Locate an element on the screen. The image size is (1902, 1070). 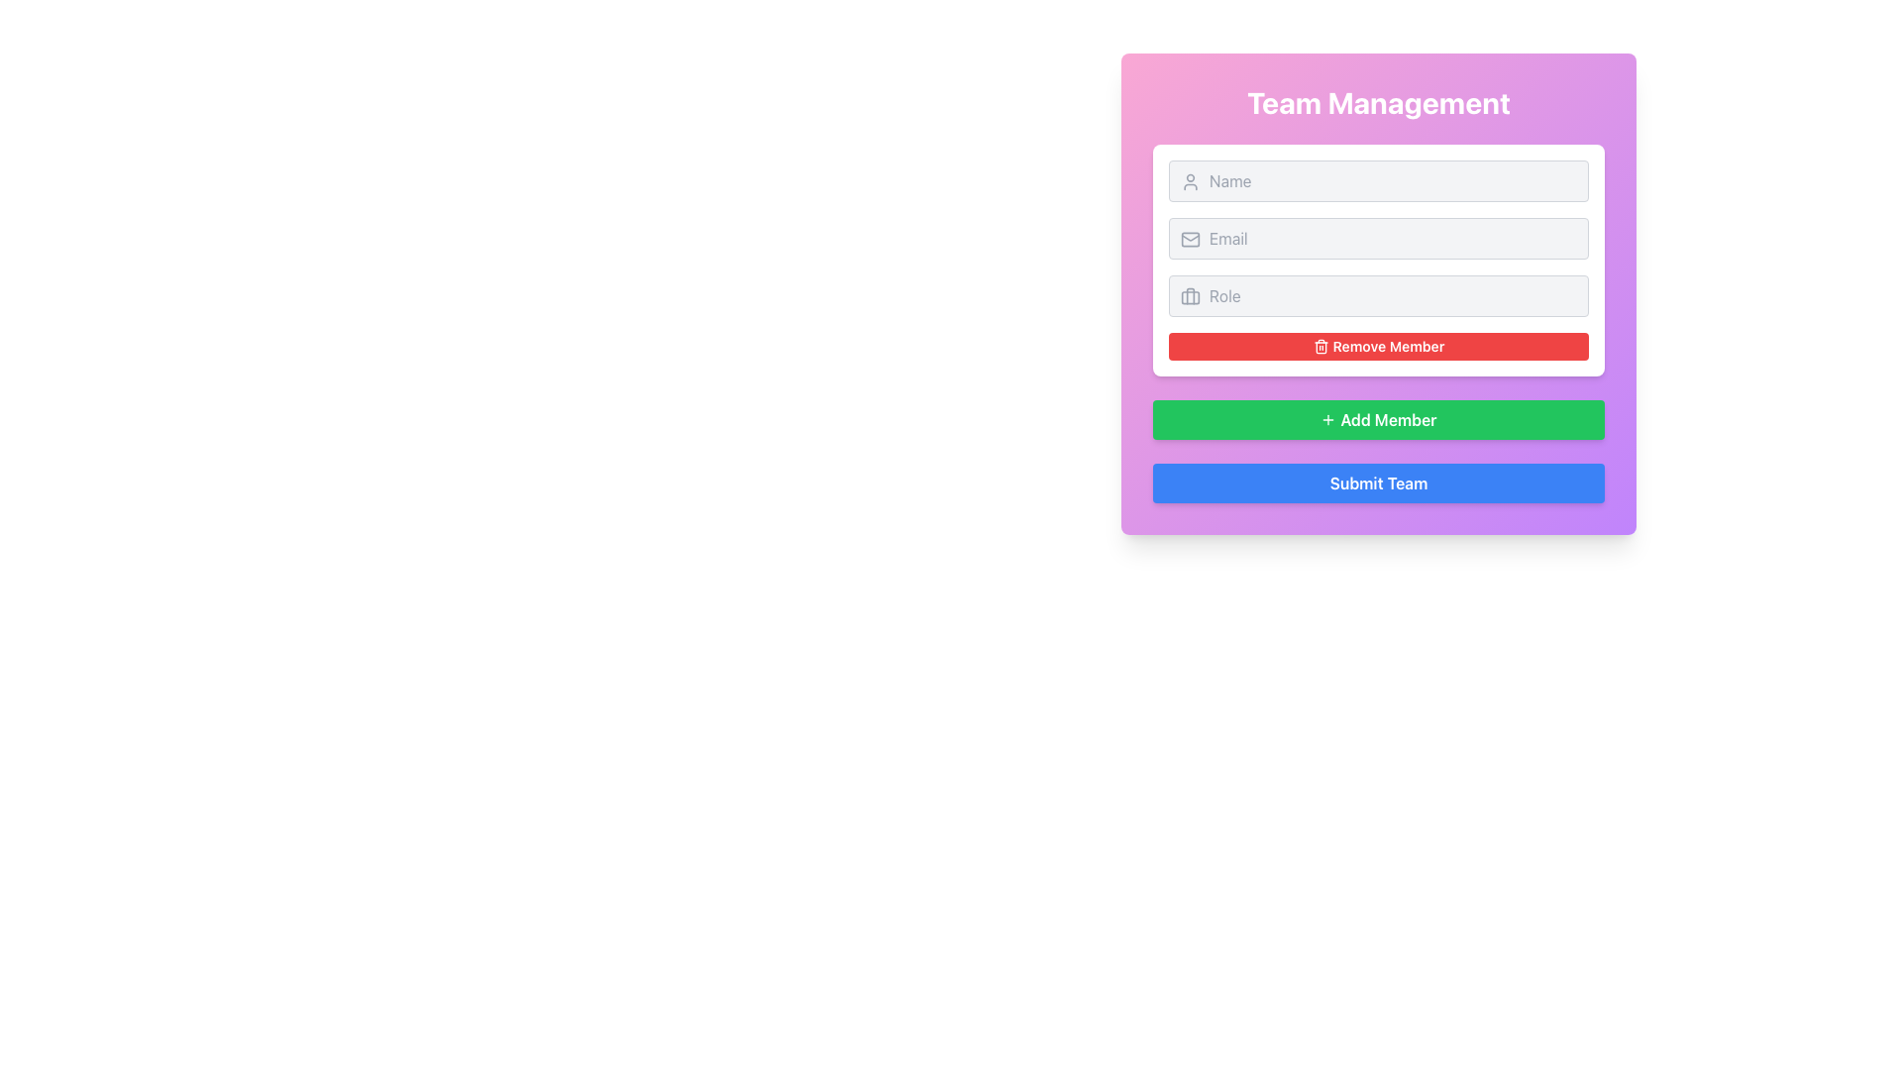
the 'Add Member' text label located inside the green button, which is centrally positioned in the form interface is located at coordinates (1387, 419).